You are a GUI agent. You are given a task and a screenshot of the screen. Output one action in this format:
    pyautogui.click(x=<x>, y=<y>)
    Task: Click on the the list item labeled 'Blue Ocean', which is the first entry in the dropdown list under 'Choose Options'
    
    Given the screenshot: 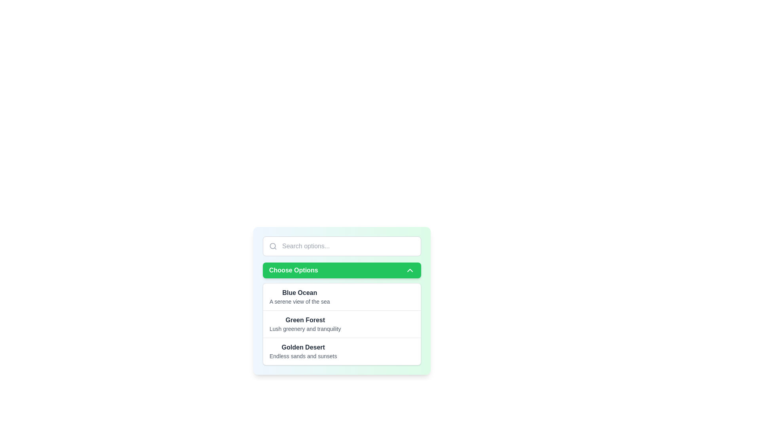 What is the action you would take?
    pyautogui.click(x=342, y=297)
    